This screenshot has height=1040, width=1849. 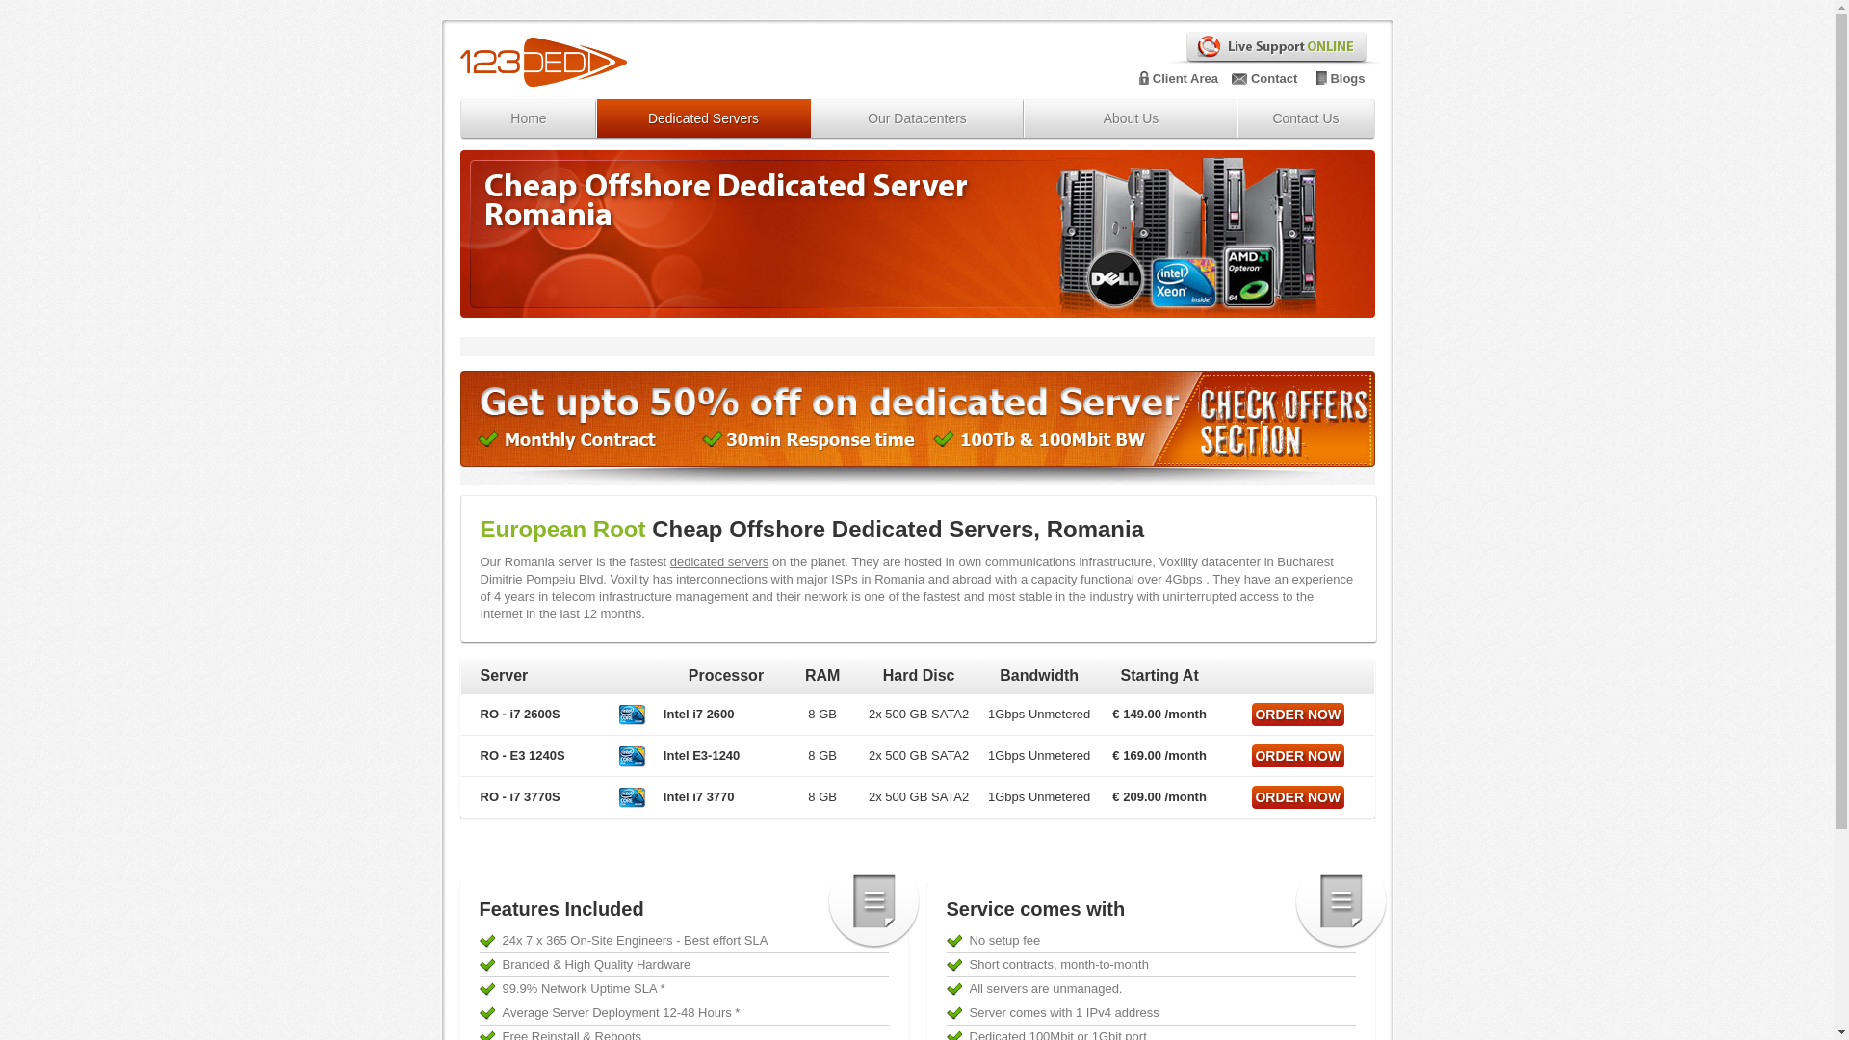 I want to click on 'Contact', so click(x=1251, y=77).